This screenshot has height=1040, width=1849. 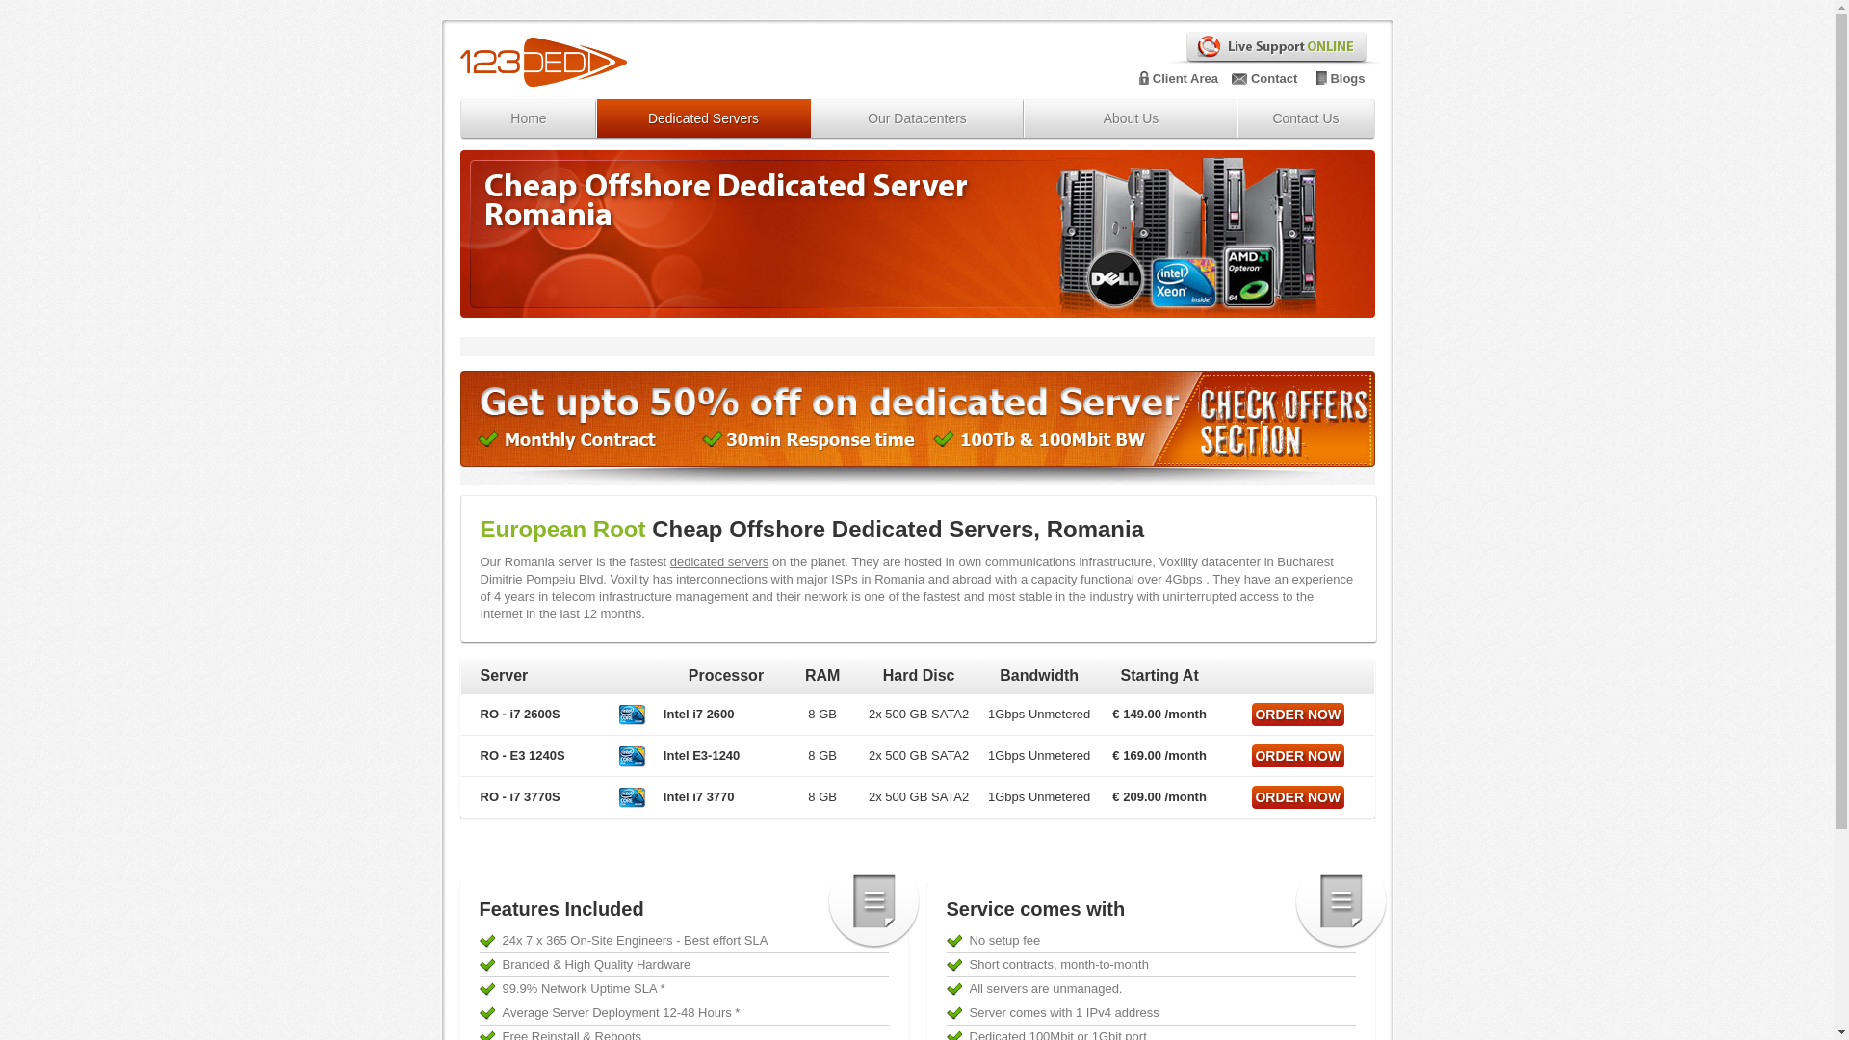 I want to click on 'Contact', so click(x=1251, y=77).